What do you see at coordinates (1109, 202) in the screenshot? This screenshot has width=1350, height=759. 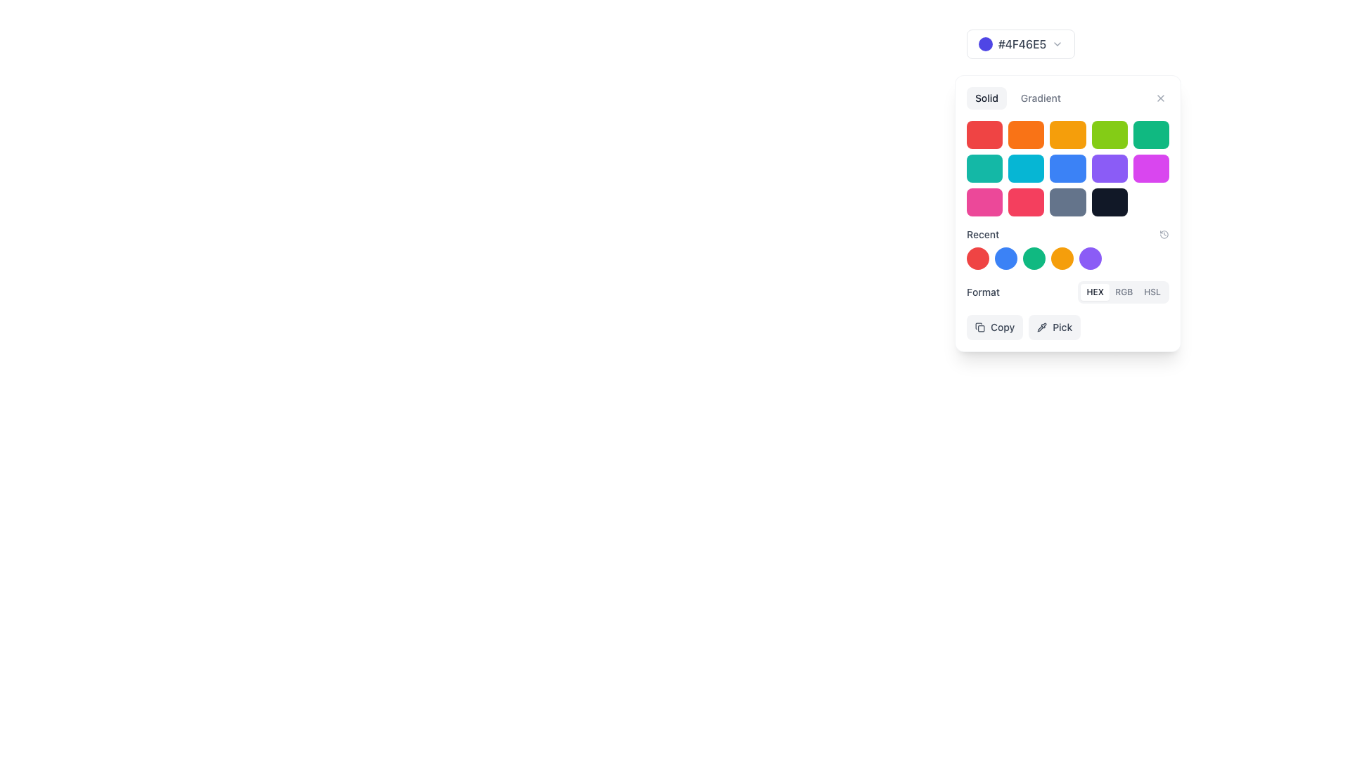 I see `the rectangular interactive button with a dark blue background located in the fifth column of the third row of the grid` at bounding box center [1109, 202].